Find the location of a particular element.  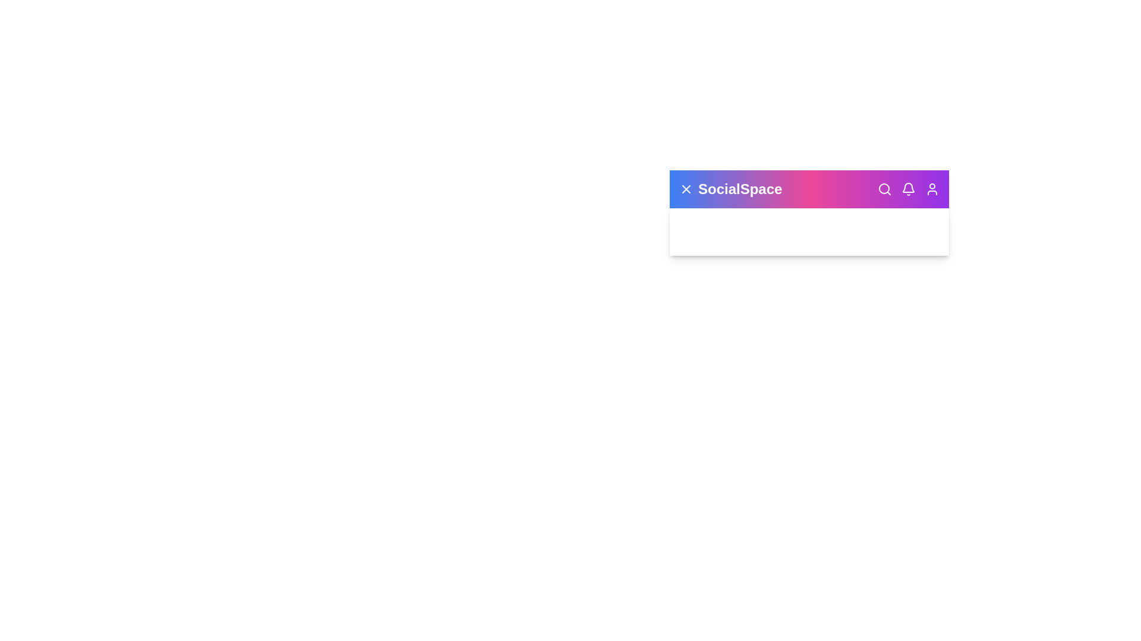

the notifications icon to interact with it is located at coordinates (908, 189).